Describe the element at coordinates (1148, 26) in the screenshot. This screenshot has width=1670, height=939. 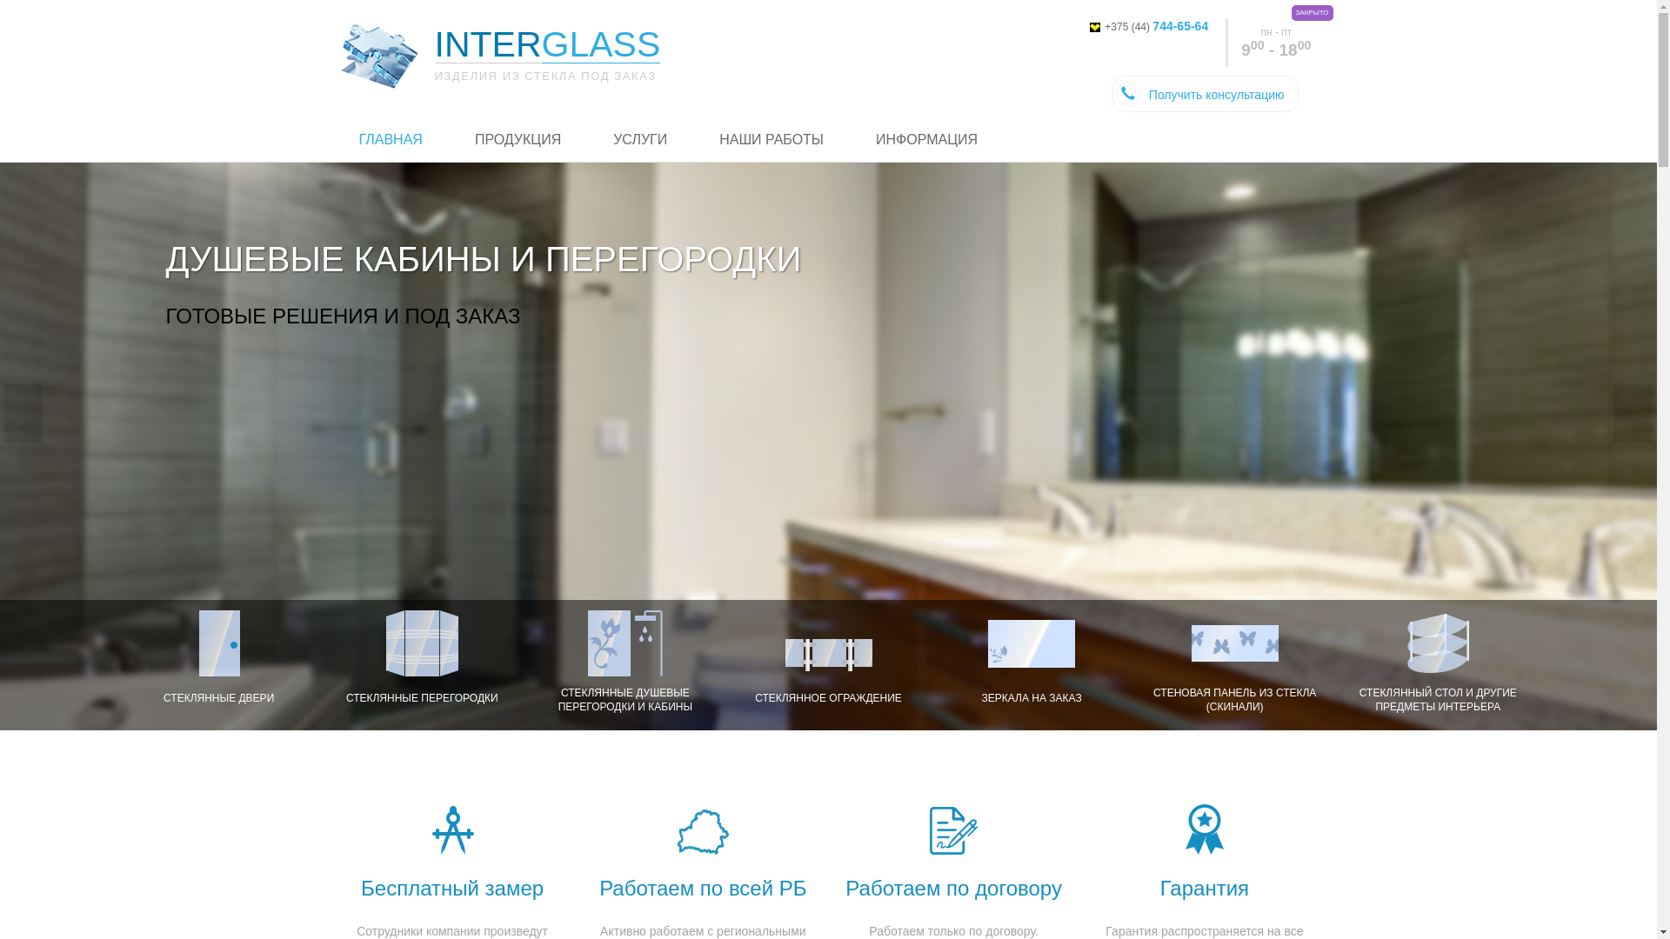
I see `'+375 (44) 744-65-64'` at that location.